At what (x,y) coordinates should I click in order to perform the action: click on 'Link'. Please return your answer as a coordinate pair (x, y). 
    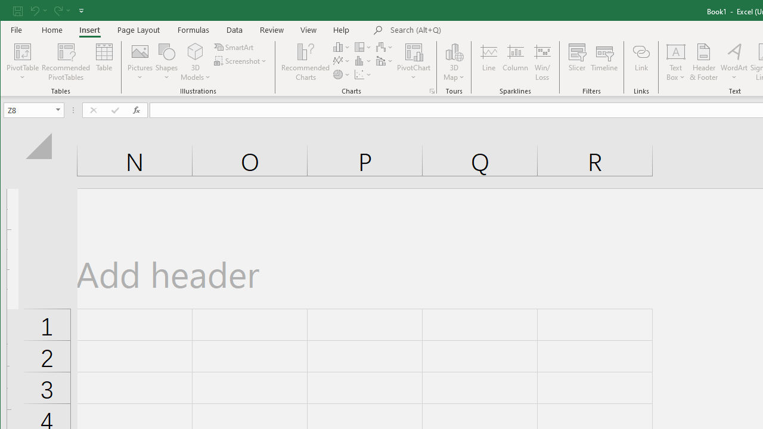
    Looking at the image, I should click on (640, 62).